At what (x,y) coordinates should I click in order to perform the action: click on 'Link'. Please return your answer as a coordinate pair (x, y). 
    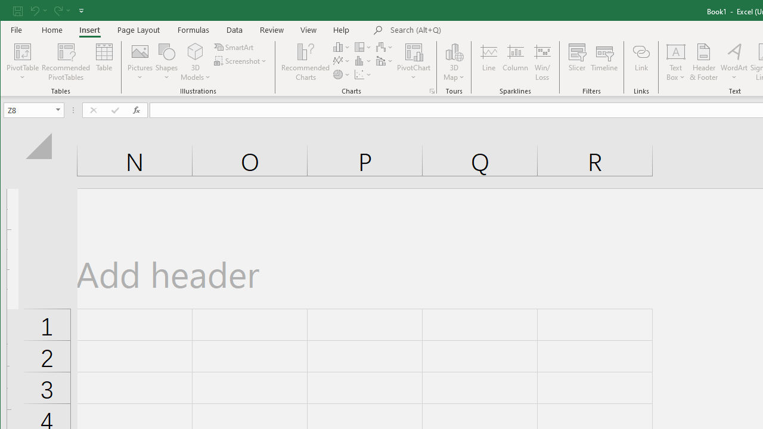
    Looking at the image, I should click on (640, 62).